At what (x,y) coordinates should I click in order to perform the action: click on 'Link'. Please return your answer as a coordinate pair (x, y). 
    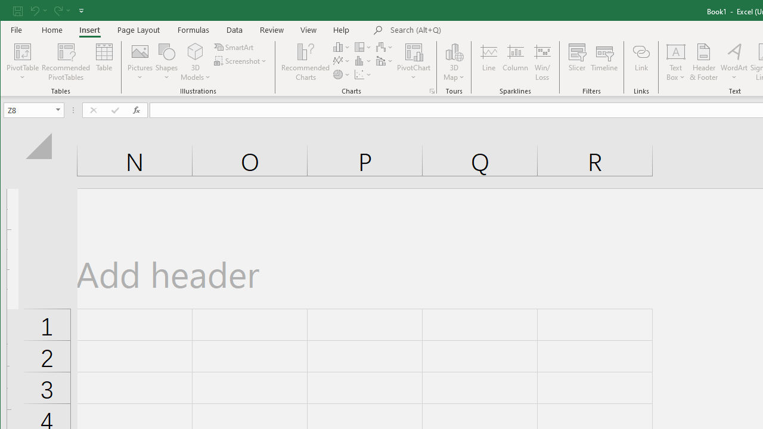
    Looking at the image, I should click on (640, 62).